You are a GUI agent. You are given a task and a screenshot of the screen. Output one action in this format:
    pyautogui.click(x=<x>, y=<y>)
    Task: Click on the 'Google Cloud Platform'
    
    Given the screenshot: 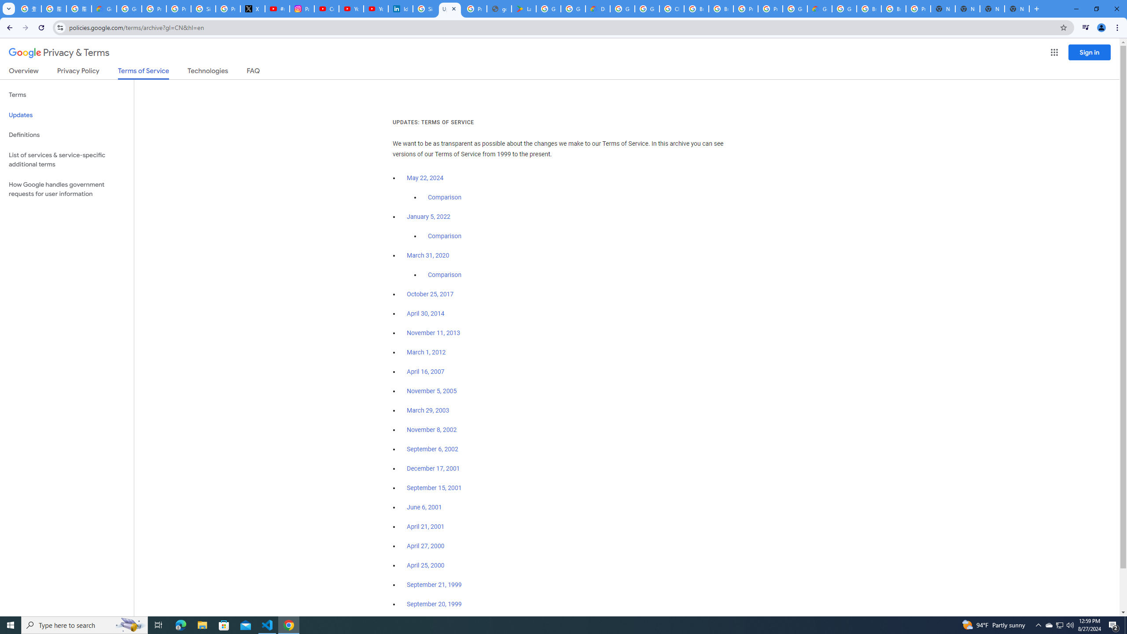 What is the action you would take?
    pyautogui.click(x=795, y=8)
    